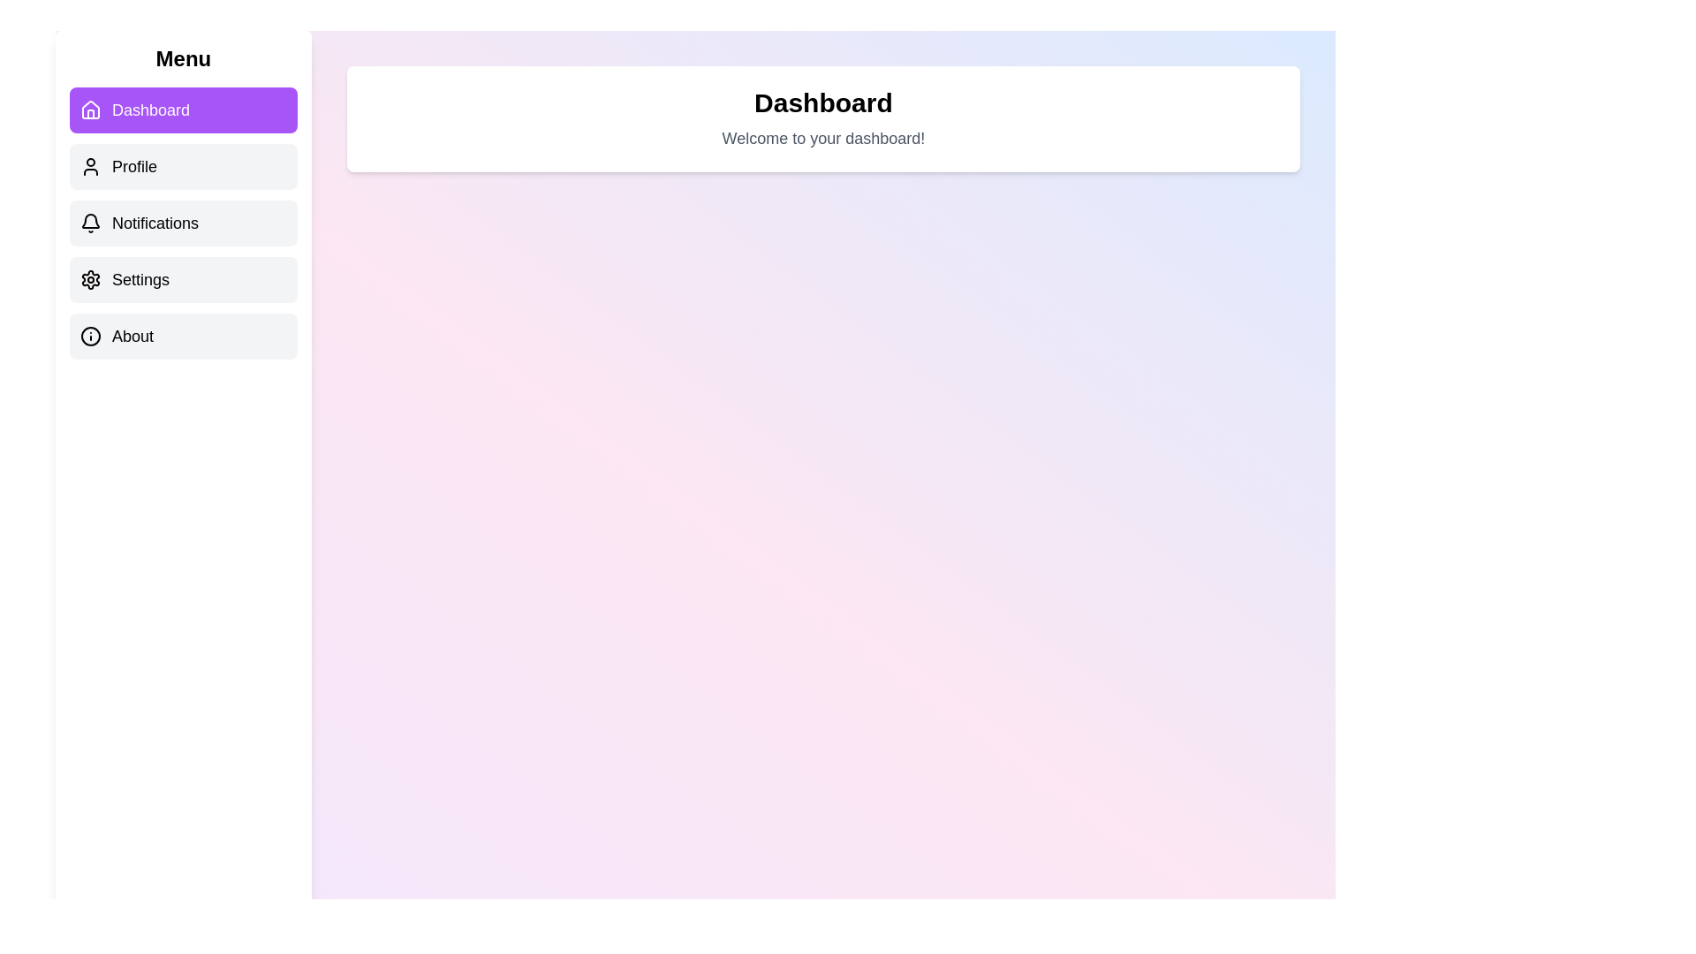  Describe the element at coordinates (183, 278) in the screenshot. I see `the menu item Settings to view its content` at that location.